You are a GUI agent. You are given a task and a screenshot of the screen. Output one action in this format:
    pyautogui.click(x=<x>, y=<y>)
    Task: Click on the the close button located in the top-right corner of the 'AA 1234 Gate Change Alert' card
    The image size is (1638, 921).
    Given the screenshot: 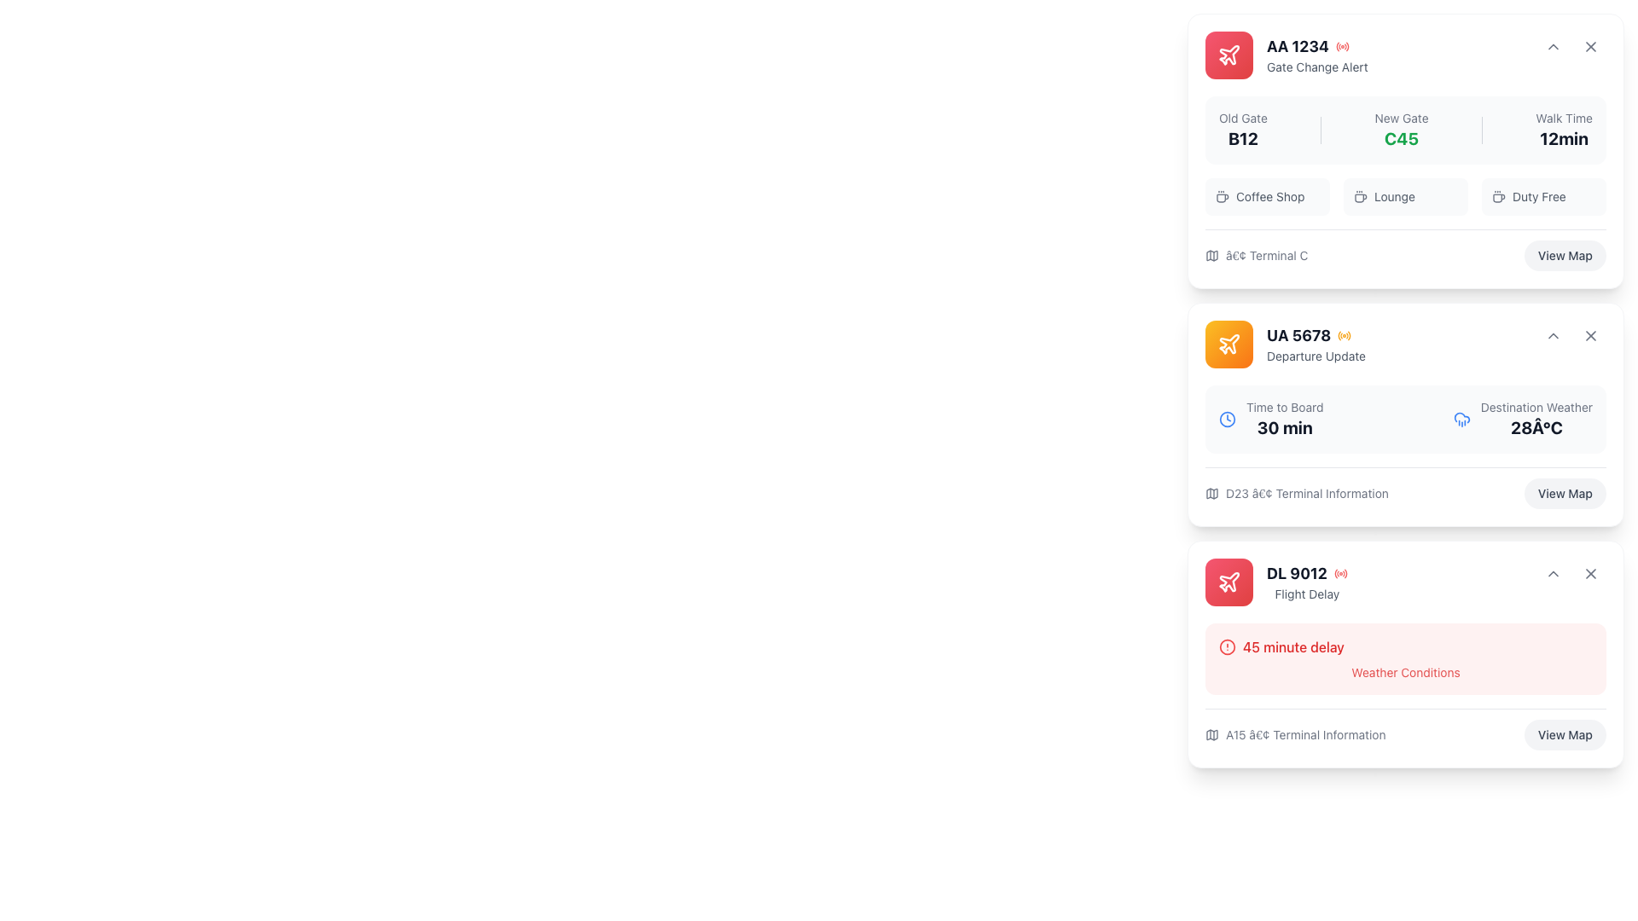 What is the action you would take?
    pyautogui.click(x=1590, y=45)
    